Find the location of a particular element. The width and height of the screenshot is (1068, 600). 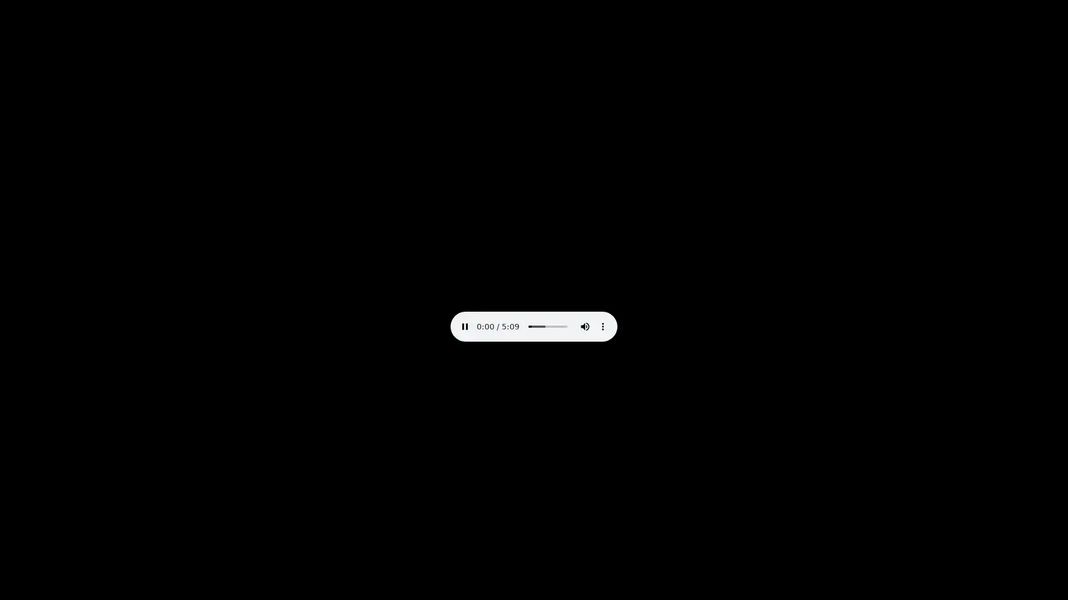

show more media controls is located at coordinates (602, 326).